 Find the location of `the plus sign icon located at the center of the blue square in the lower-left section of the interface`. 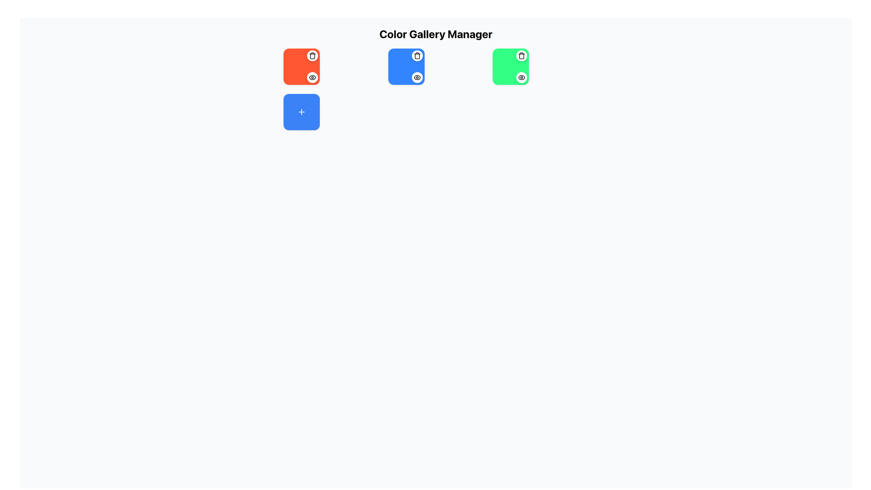

the plus sign icon located at the center of the blue square in the lower-left section of the interface is located at coordinates (302, 111).